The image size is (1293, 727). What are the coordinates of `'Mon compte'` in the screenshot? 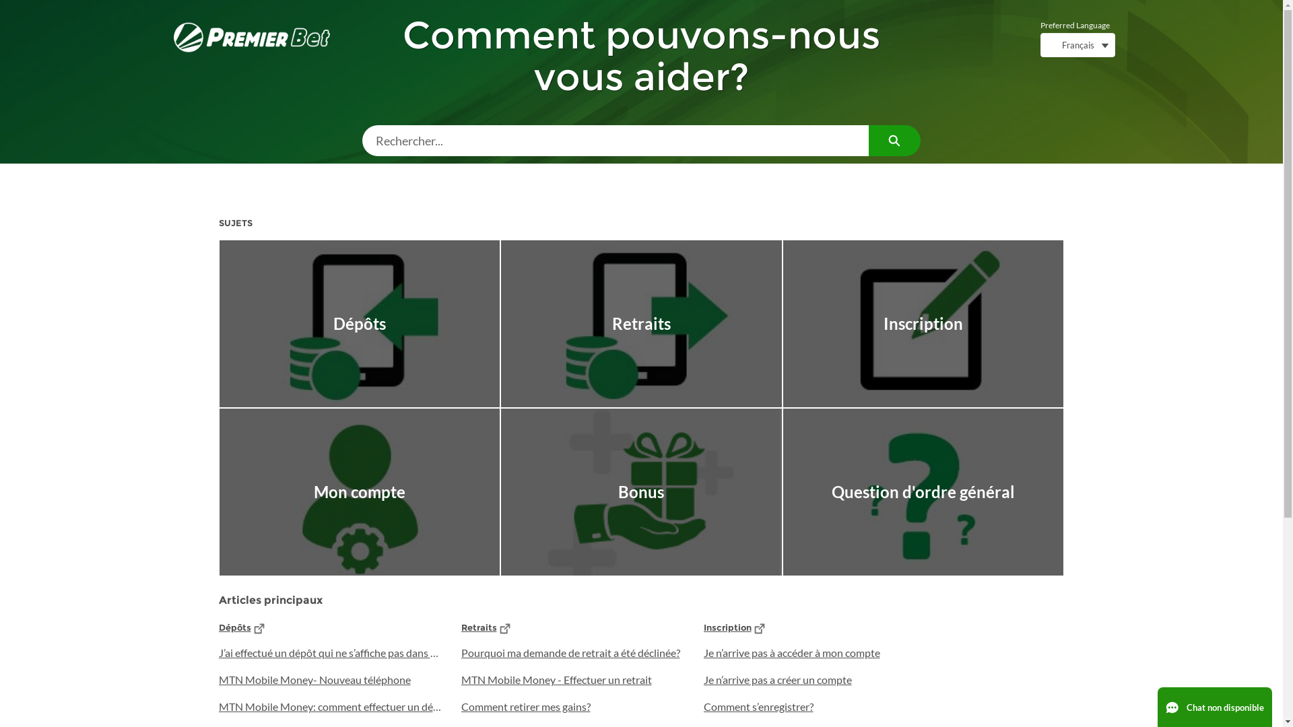 It's located at (360, 492).